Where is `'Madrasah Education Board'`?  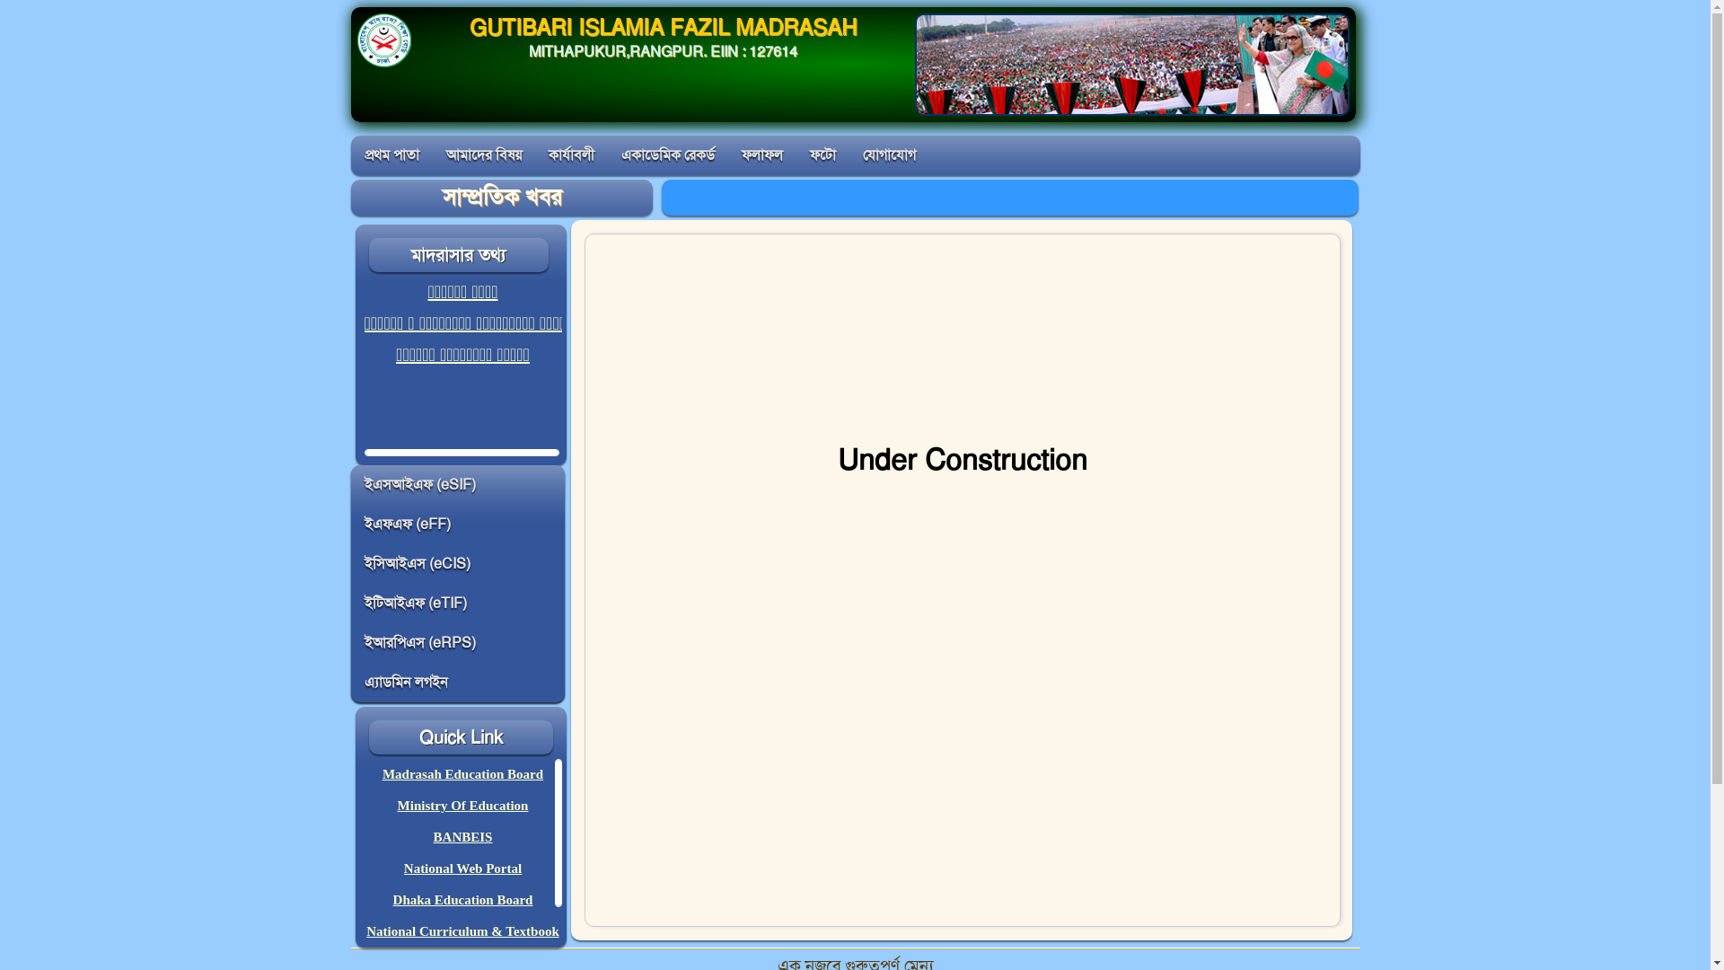 'Madrasah Education Board' is located at coordinates (462, 772).